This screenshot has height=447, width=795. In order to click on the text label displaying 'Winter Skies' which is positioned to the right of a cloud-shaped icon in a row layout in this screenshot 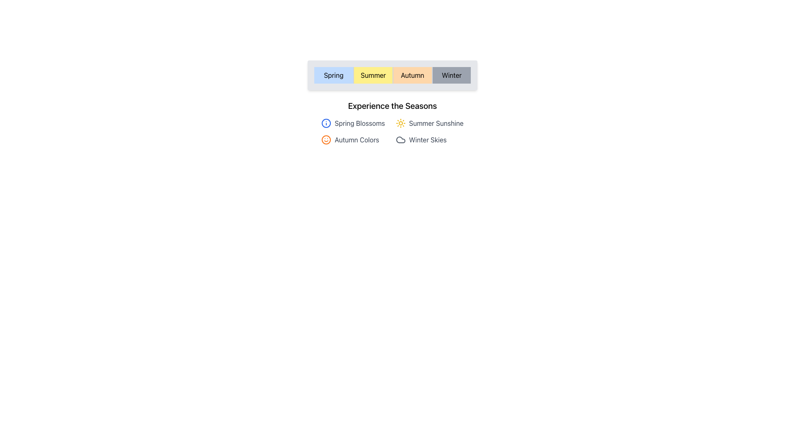, I will do `click(428, 139)`.